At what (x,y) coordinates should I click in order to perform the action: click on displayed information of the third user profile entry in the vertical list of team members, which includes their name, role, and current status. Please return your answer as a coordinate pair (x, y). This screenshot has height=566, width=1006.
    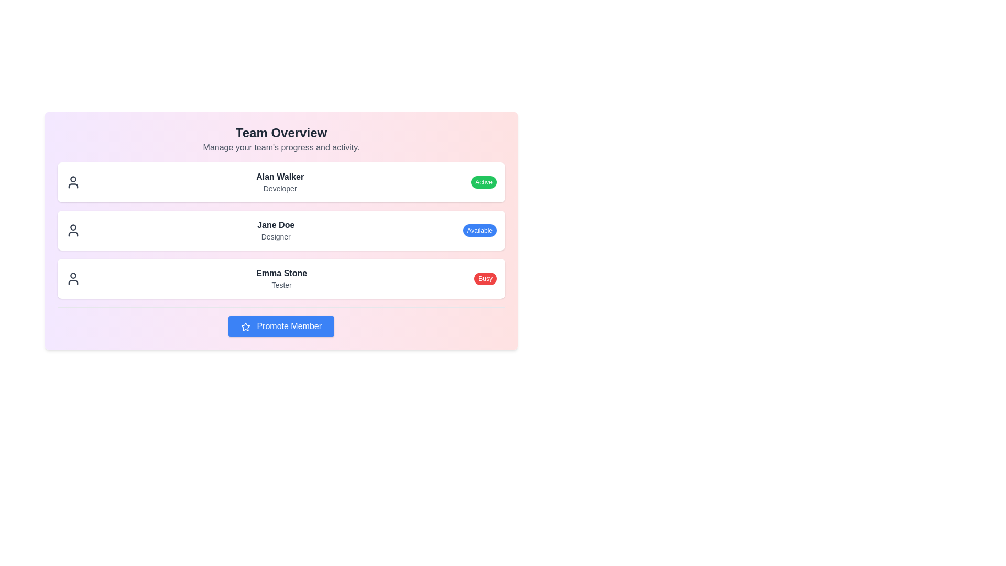
    Looking at the image, I should click on (281, 278).